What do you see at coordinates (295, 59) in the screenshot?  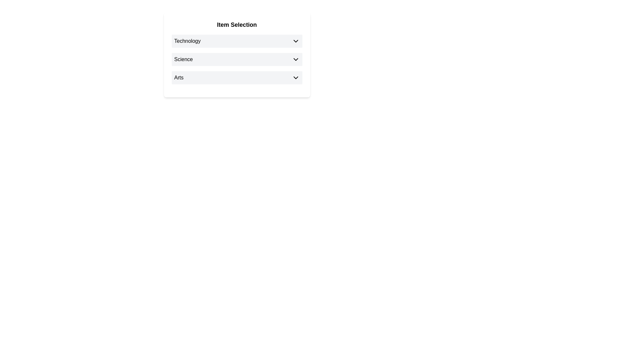 I see `the downward-pointing chevron icon in the 'Science' row of the dropdown menu` at bounding box center [295, 59].